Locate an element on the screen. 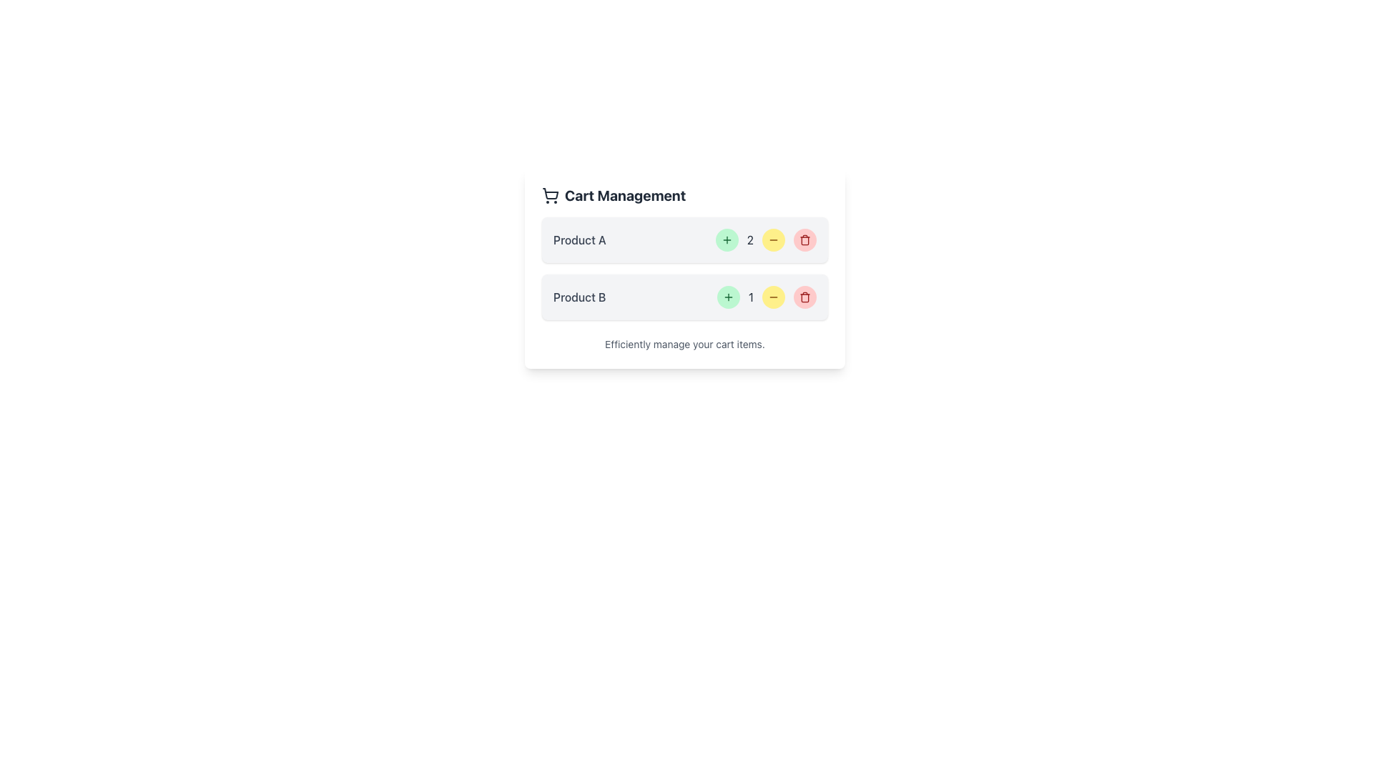 This screenshot has height=772, width=1373. the text label displaying the quantity of Product B in the cart, which is centrally positioned between the plus and minus buttons is located at coordinates (766, 297).